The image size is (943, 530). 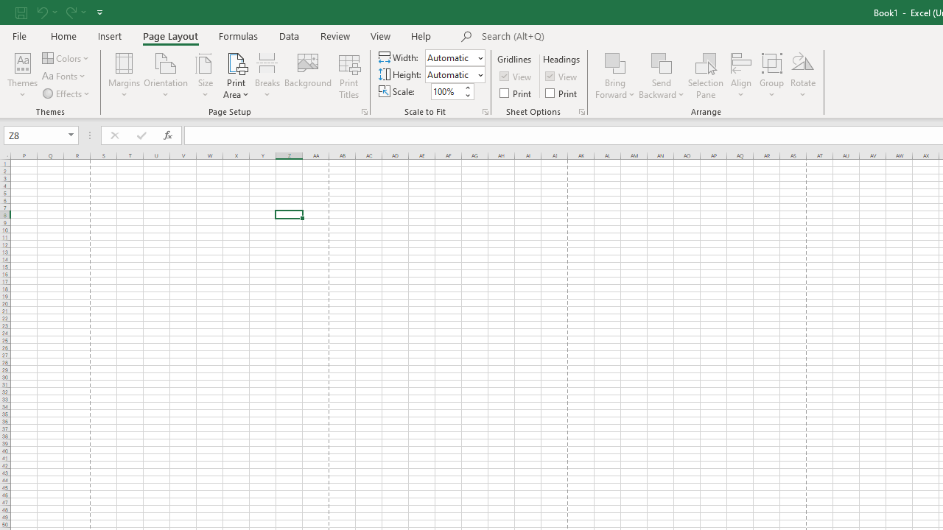 What do you see at coordinates (64, 76) in the screenshot?
I see `'Fonts'` at bounding box center [64, 76].